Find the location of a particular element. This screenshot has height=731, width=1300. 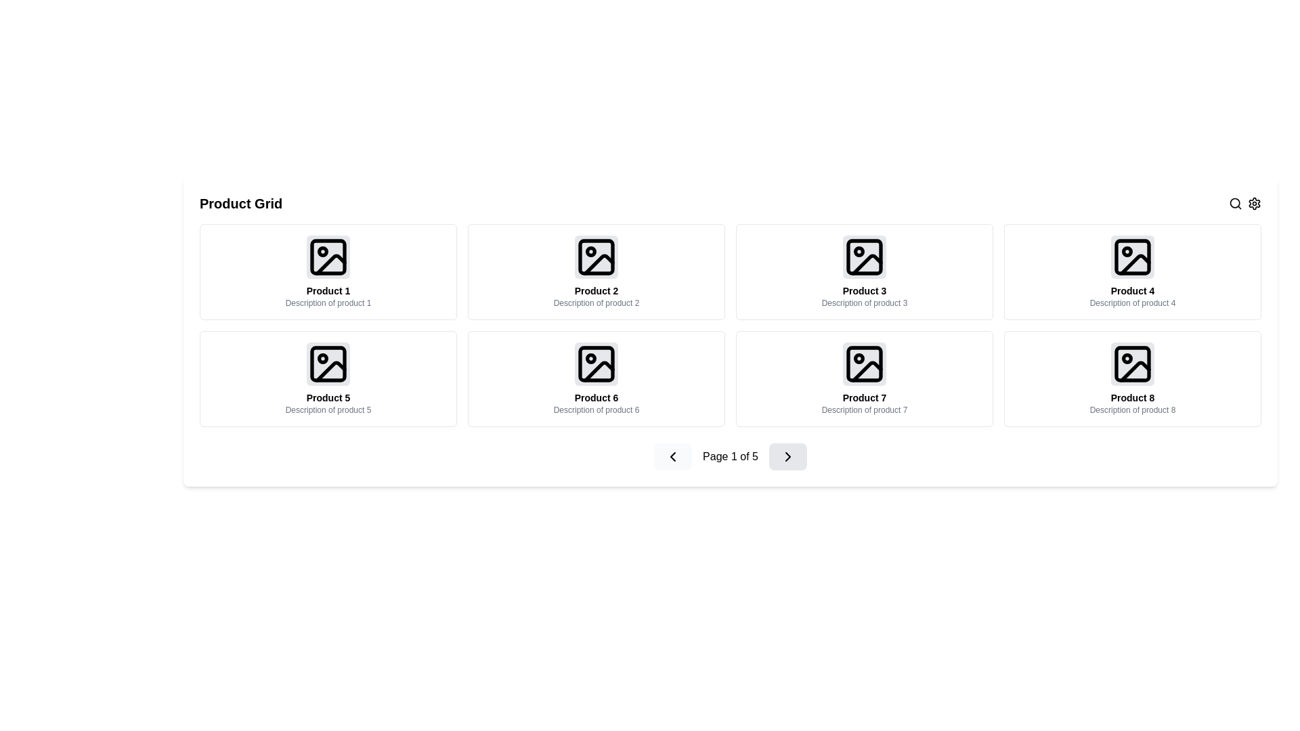

the static text displaying 'Page 1 of 5', which is centered at the bottom of the view between navigation buttons is located at coordinates (730, 457).